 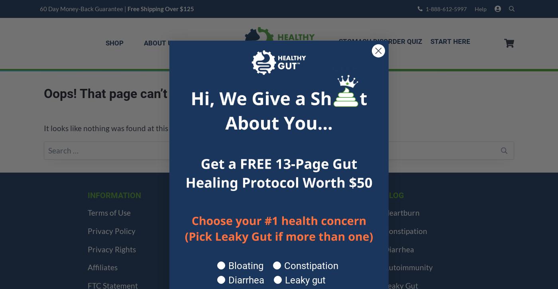 What do you see at coordinates (405, 230) in the screenshot?
I see `'Constipation'` at bounding box center [405, 230].